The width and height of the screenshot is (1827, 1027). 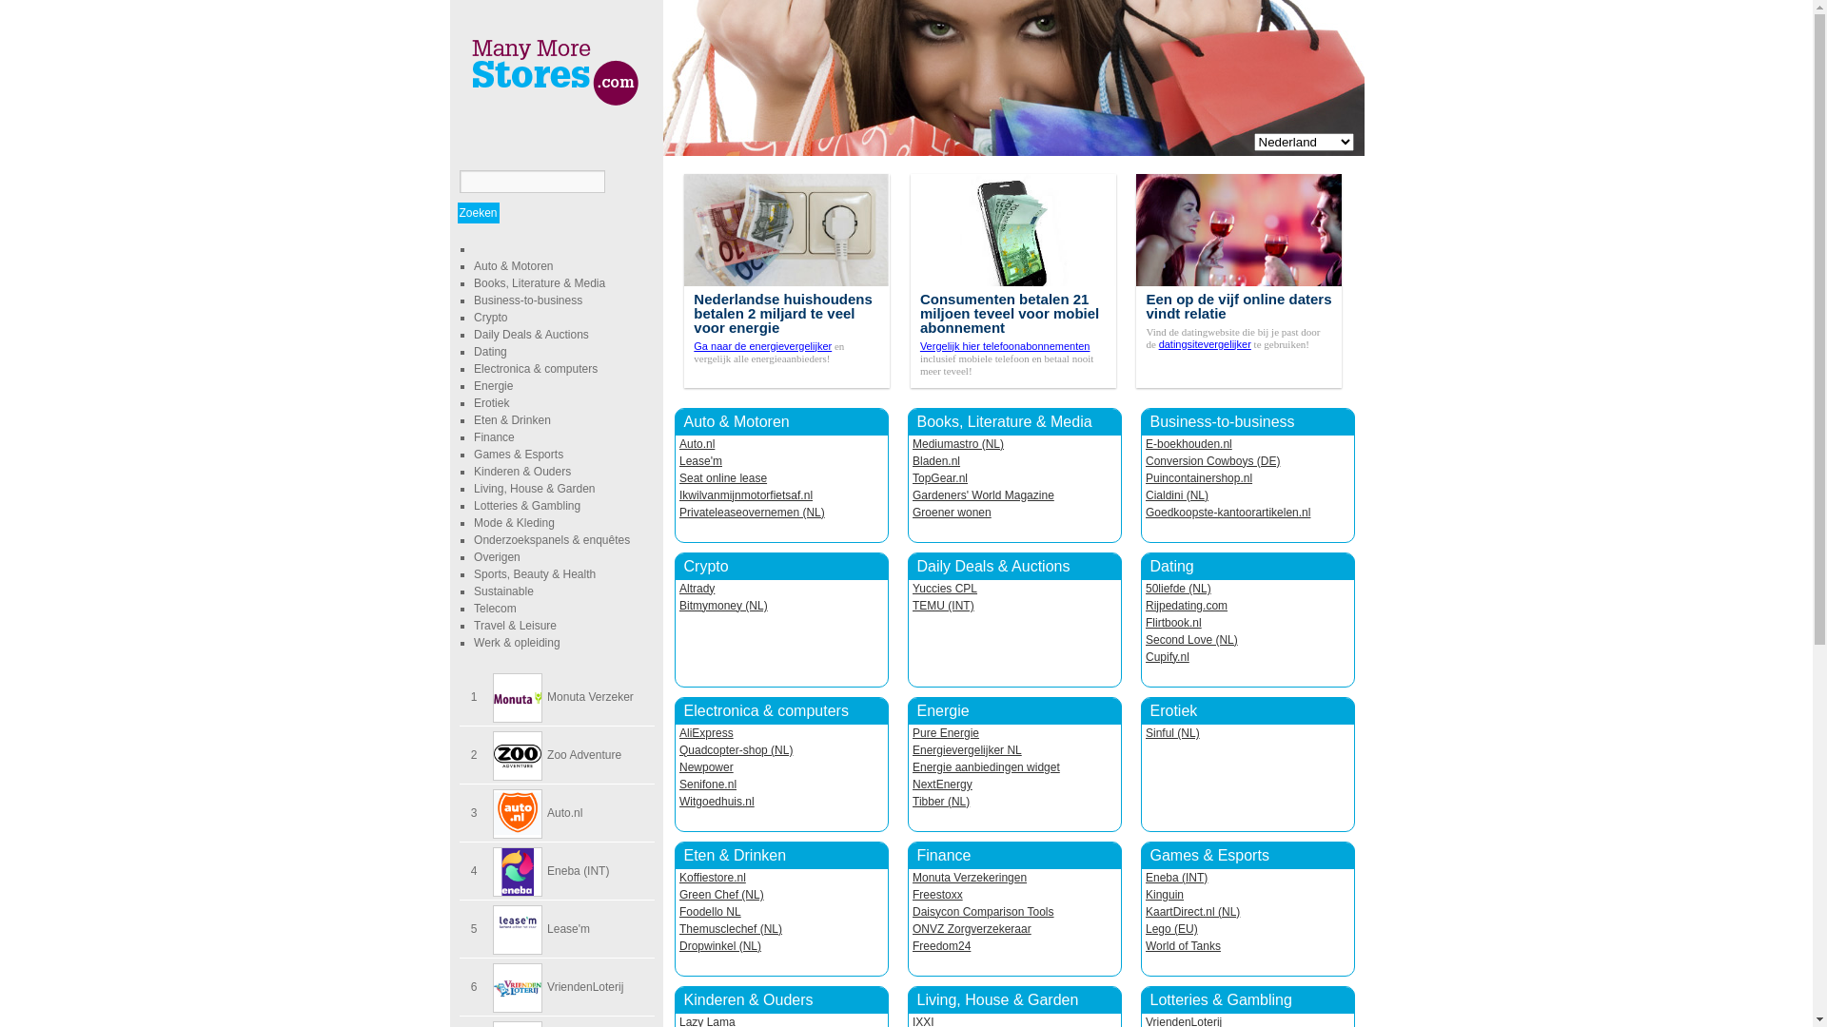 What do you see at coordinates (1170, 927) in the screenshot?
I see `'Lego (EU)'` at bounding box center [1170, 927].